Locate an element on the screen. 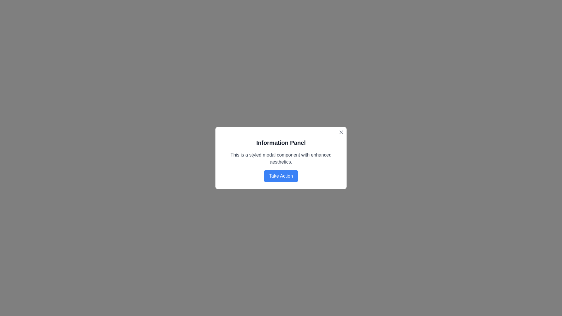 This screenshot has width=562, height=316. the static text block that provides additional information in the modal, positioned between the title 'Information Panel' and the button 'Take Action' is located at coordinates (281, 159).